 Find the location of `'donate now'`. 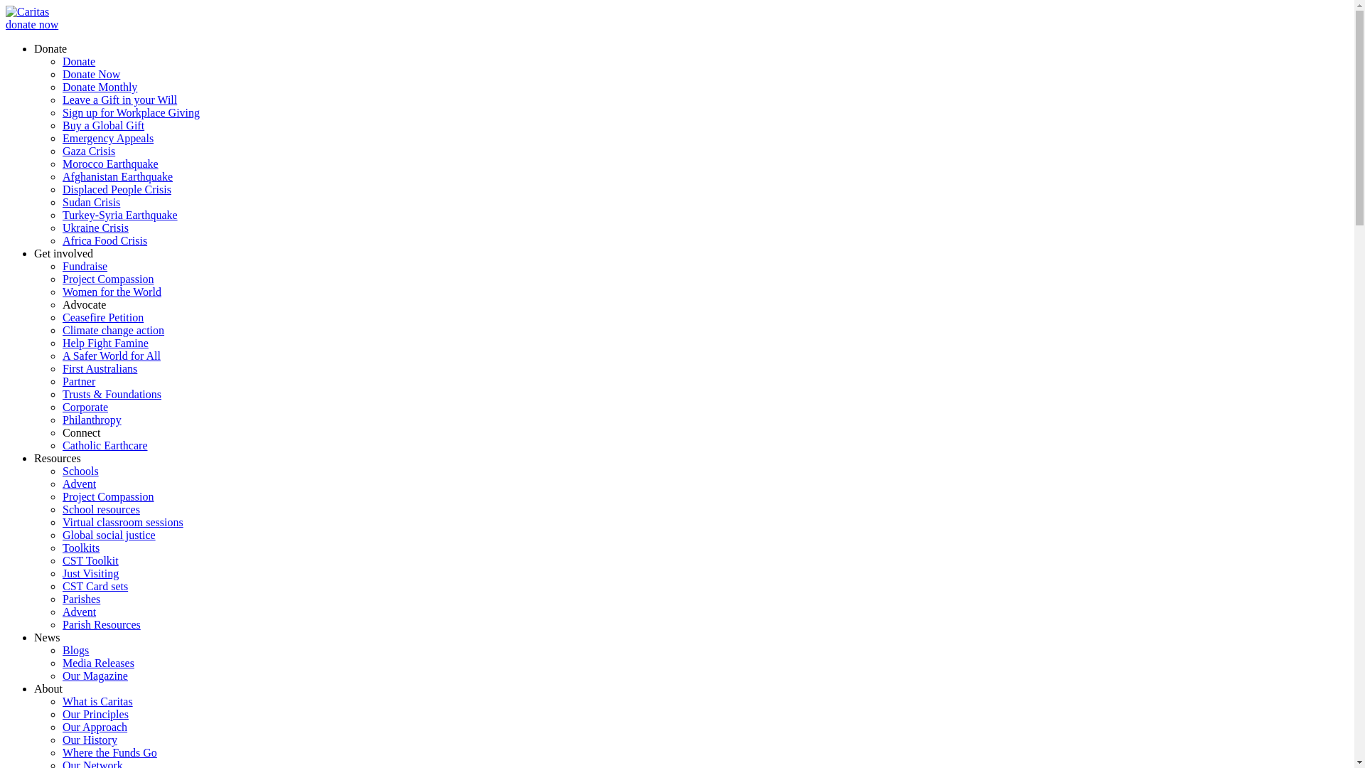

'donate now' is located at coordinates (31, 24).